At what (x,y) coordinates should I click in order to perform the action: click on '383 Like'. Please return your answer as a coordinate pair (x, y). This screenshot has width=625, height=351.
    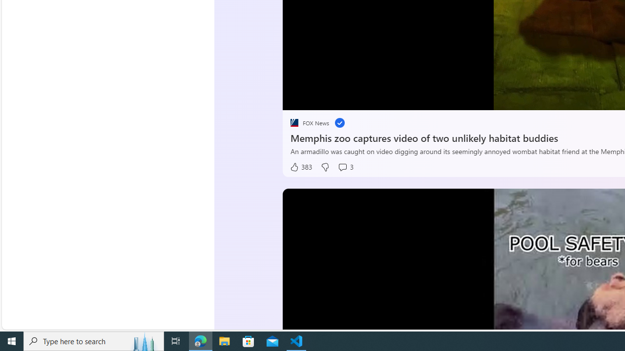
    Looking at the image, I should click on (300, 167).